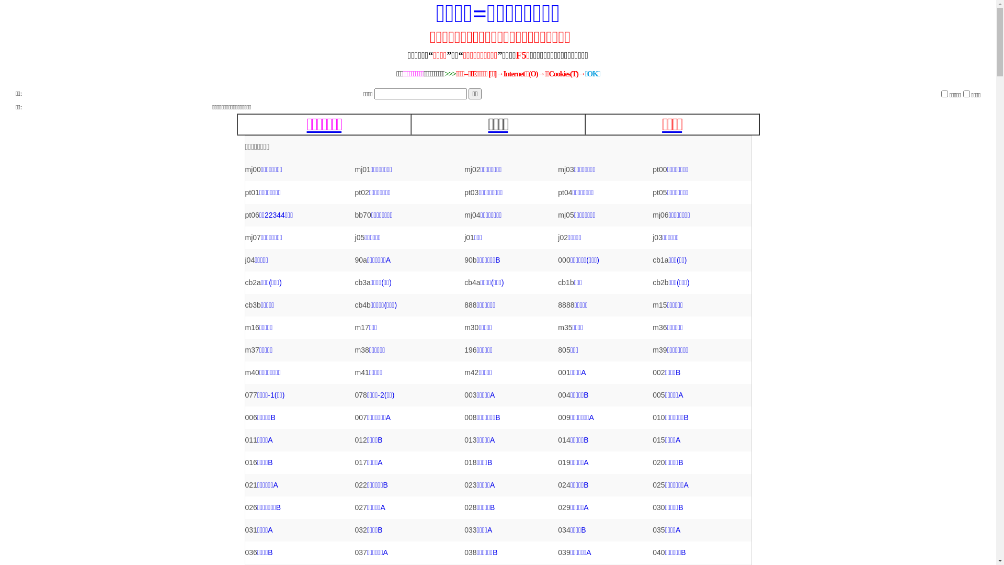 This screenshot has height=565, width=1004. What do you see at coordinates (252, 326) in the screenshot?
I see `'m16'` at bounding box center [252, 326].